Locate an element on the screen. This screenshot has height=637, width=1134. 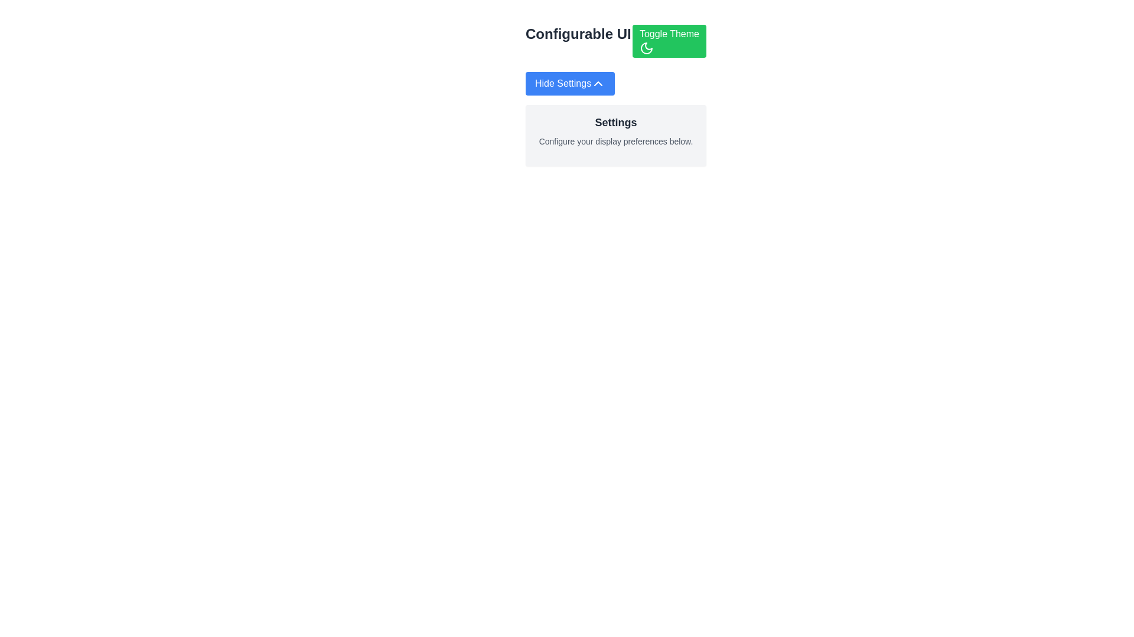
the Informational panel located below the 'Hide Settings' blue button, which provides configuration display preferences is located at coordinates (615, 127).